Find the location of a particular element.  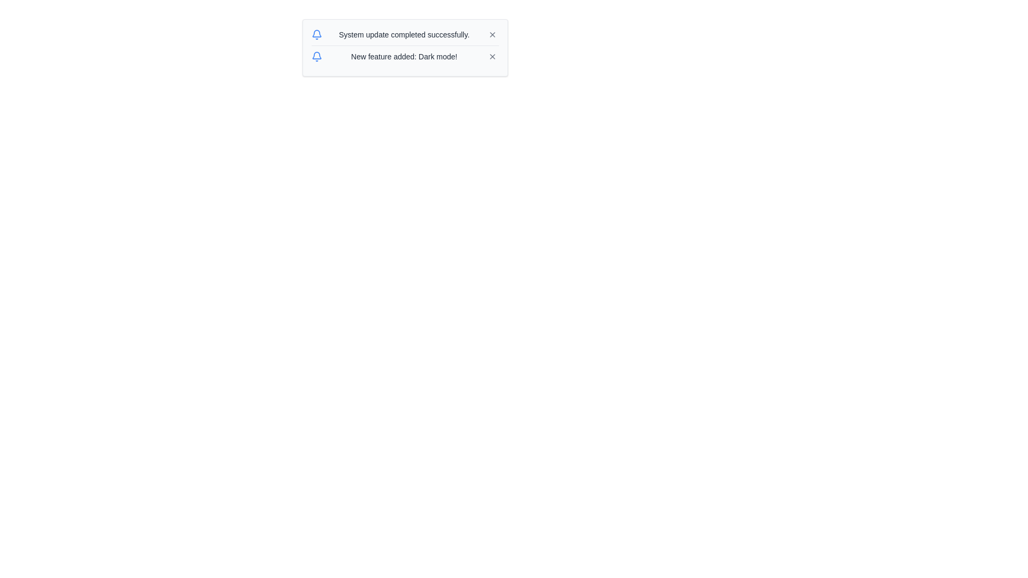

the small 'X' icon styled as a close button located at the top-right side of the notification message that says 'System update completed successfully.' is located at coordinates (492, 34).